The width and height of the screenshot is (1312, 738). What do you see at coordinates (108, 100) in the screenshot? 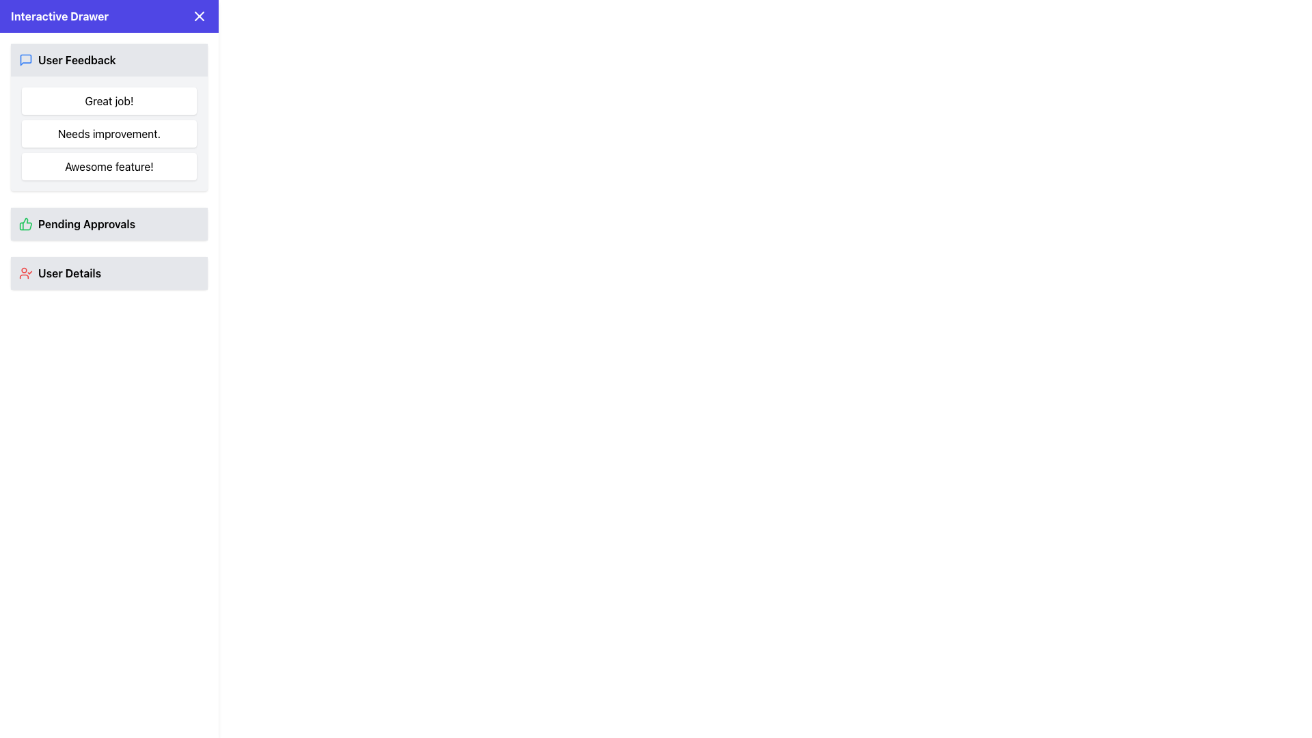
I see `text 'Great job!' from the label with a white background and rounded corners located under the 'User Feedback' header in the left sidebar` at bounding box center [108, 100].